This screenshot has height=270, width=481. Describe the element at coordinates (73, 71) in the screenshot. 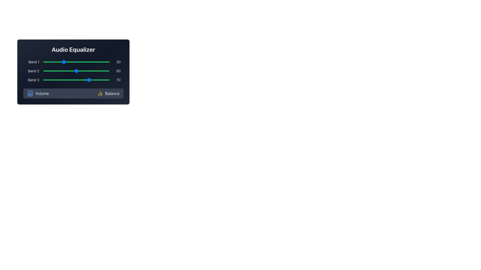

I see `the blue circular thumb of the horizontal slider labeled 'Band 2'` at that location.